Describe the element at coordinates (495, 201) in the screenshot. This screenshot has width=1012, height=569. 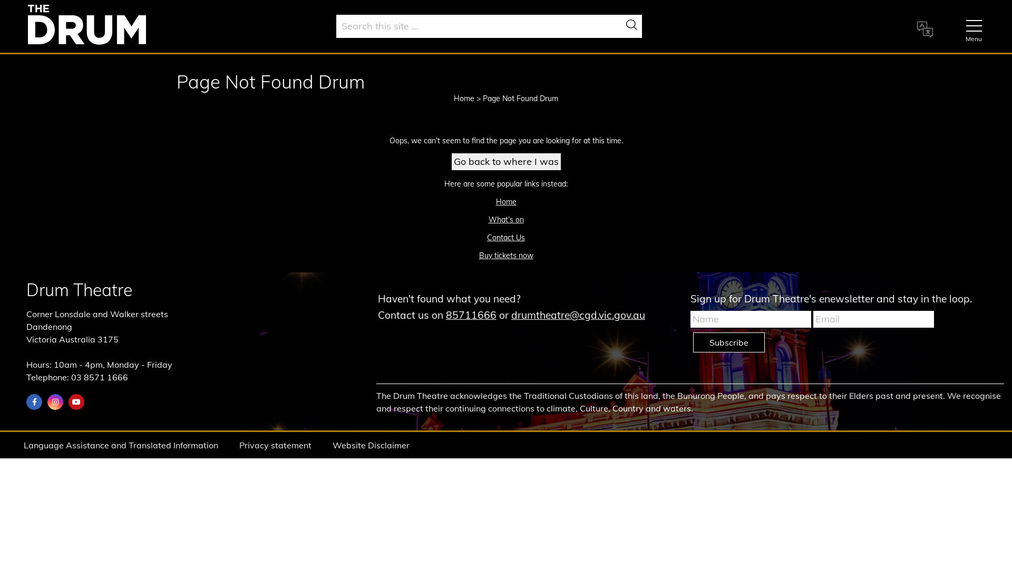
I see `'Home'` at that location.